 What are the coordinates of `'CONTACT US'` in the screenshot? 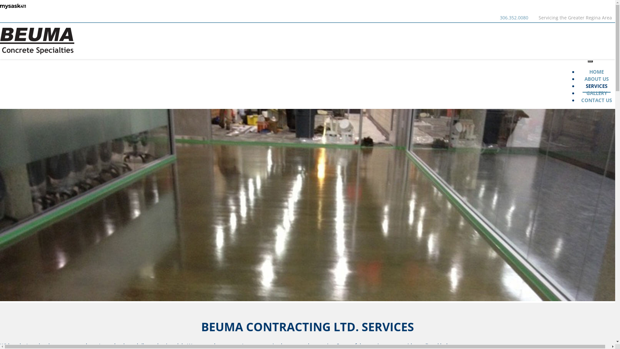 It's located at (578, 100).